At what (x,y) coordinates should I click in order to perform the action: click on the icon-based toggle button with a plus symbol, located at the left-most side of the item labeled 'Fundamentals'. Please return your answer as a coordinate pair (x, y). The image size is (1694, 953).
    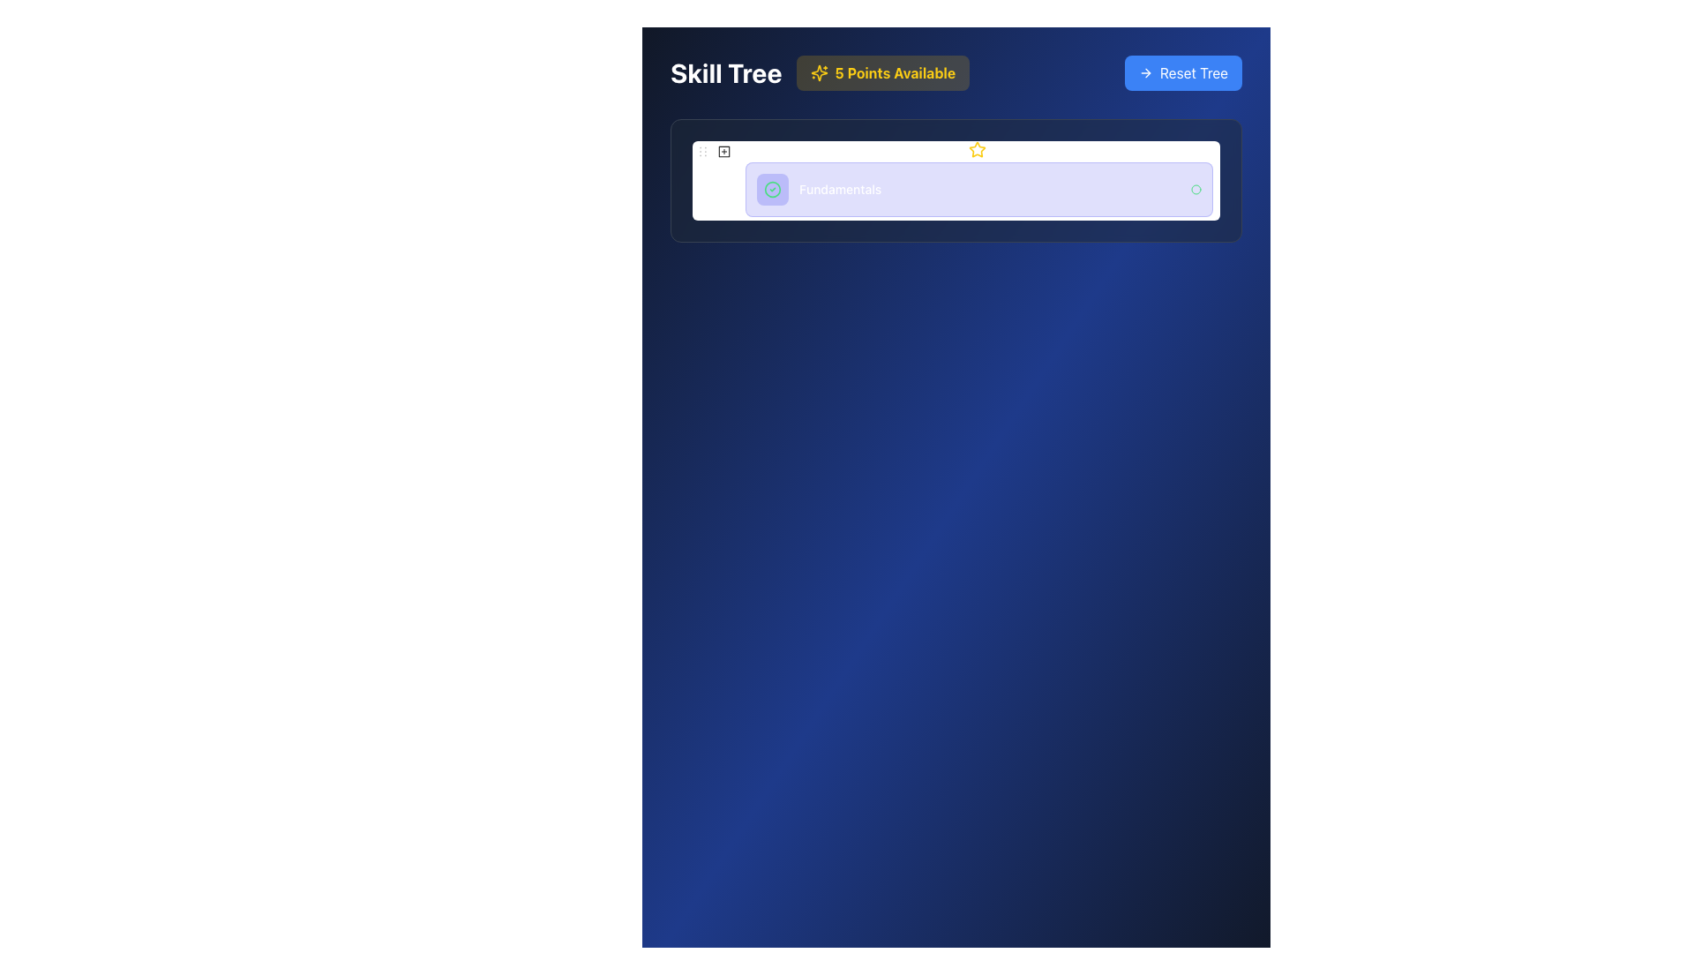
    Looking at the image, I should click on (723, 151).